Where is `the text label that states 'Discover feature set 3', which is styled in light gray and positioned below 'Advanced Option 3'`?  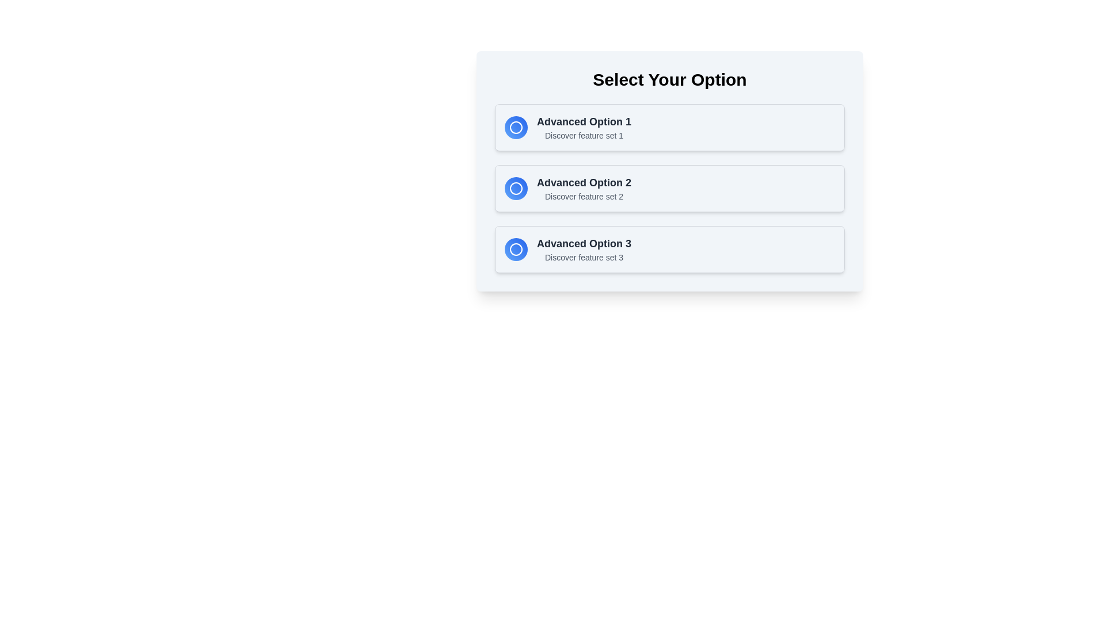 the text label that states 'Discover feature set 3', which is styled in light gray and positioned below 'Advanced Option 3' is located at coordinates (584, 256).